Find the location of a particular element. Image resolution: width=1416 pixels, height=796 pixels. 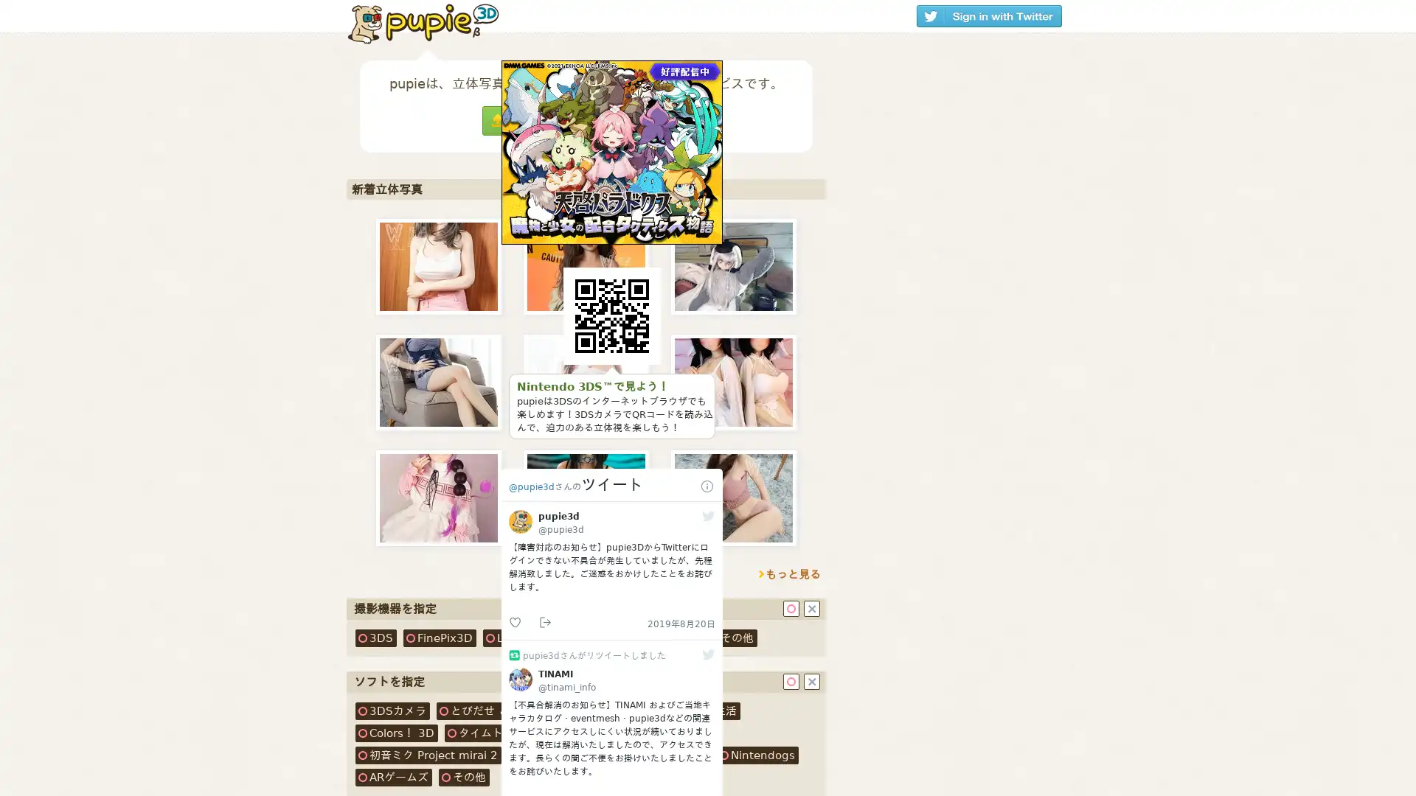

3DS is located at coordinates (375, 638).